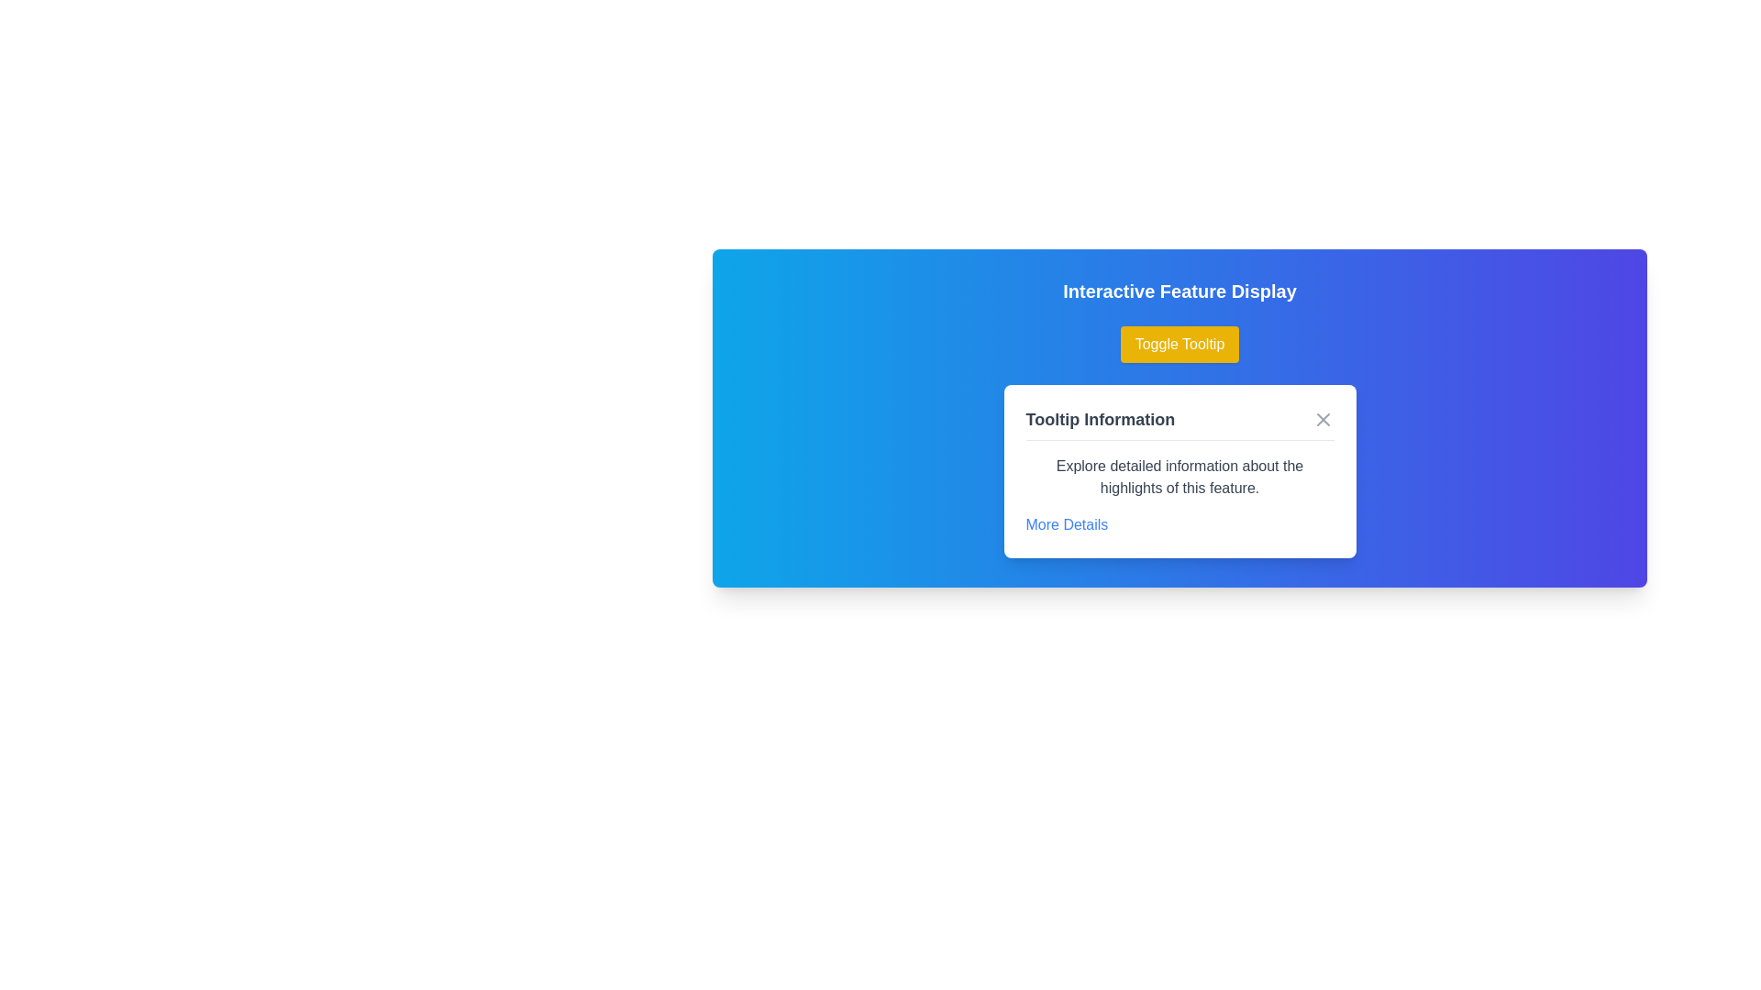  What do you see at coordinates (1100, 420) in the screenshot?
I see `text displayed in the title or heading of the tooltip, which is horizontally aligned to the left and vertically positioned at the top of the tooltip component` at bounding box center [1100, 420].